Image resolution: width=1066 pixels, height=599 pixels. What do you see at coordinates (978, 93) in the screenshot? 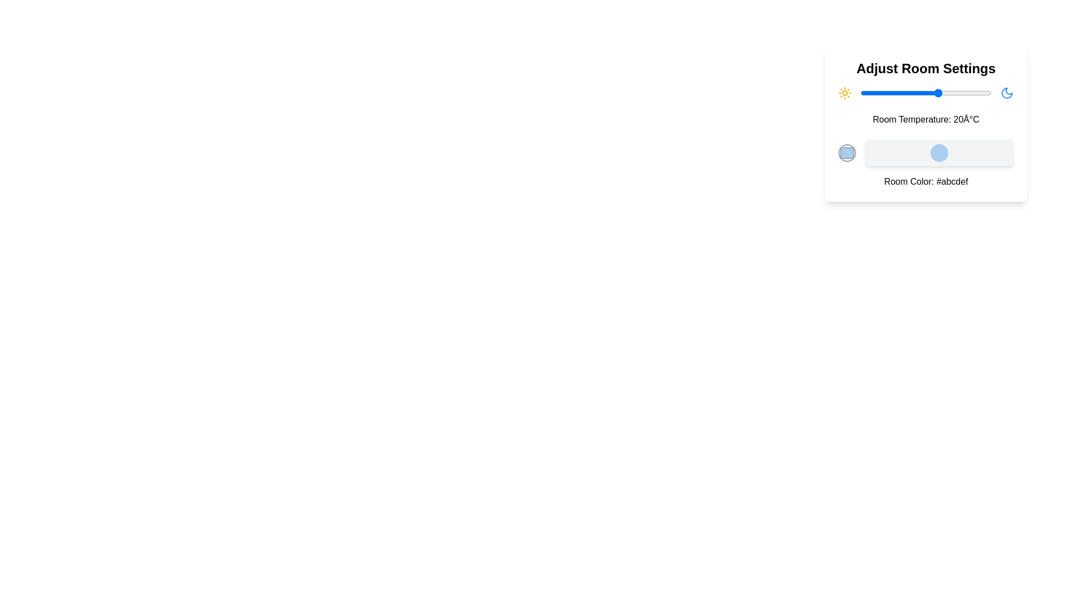
I see `the temperature slider to set the temperature to 35°C` at bounding box center [978, 93].